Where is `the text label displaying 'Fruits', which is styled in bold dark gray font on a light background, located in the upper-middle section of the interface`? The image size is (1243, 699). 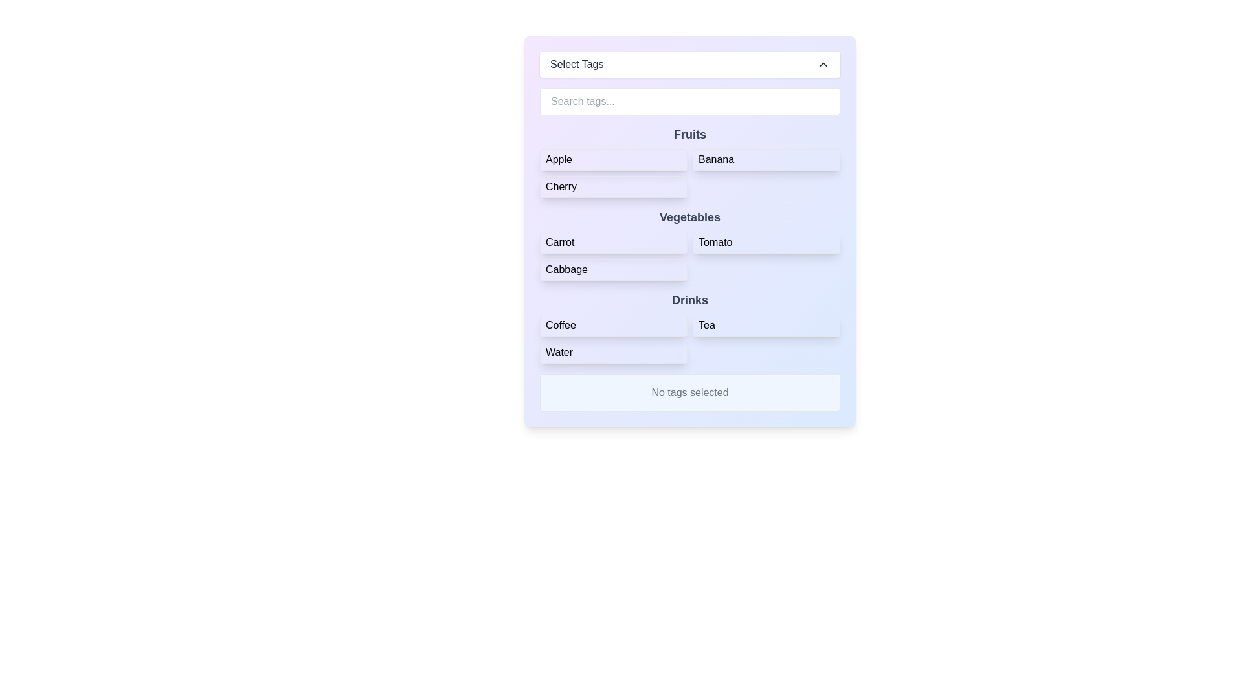
the text label displaying 'Fruits', which is styled in bold dark gray font on a light background, located in the upper-middle section of the interface is located at coordinates (689, 135).